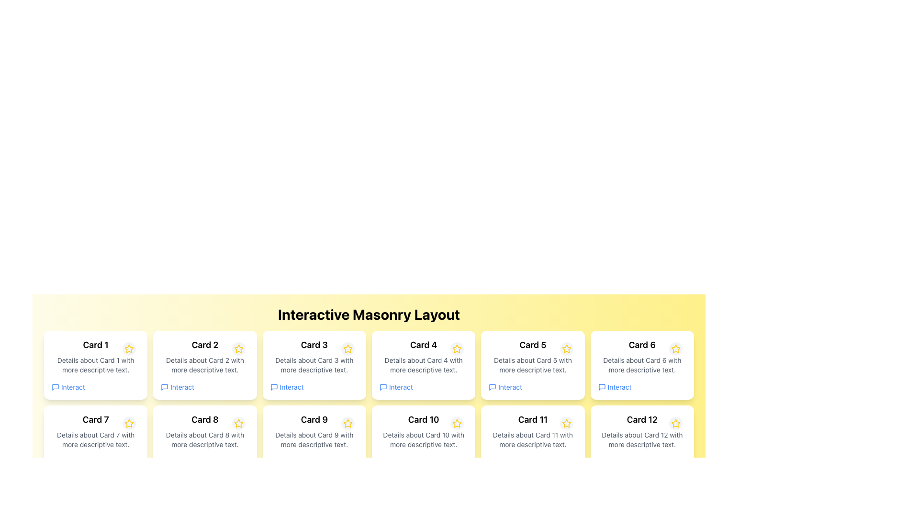  Describe the element at coordinates (314, 419) in the screenshot. I see `the Text label displaying 'Card 9' located in the header section of the card component in the second row, first column of the masonry layout` at that location.